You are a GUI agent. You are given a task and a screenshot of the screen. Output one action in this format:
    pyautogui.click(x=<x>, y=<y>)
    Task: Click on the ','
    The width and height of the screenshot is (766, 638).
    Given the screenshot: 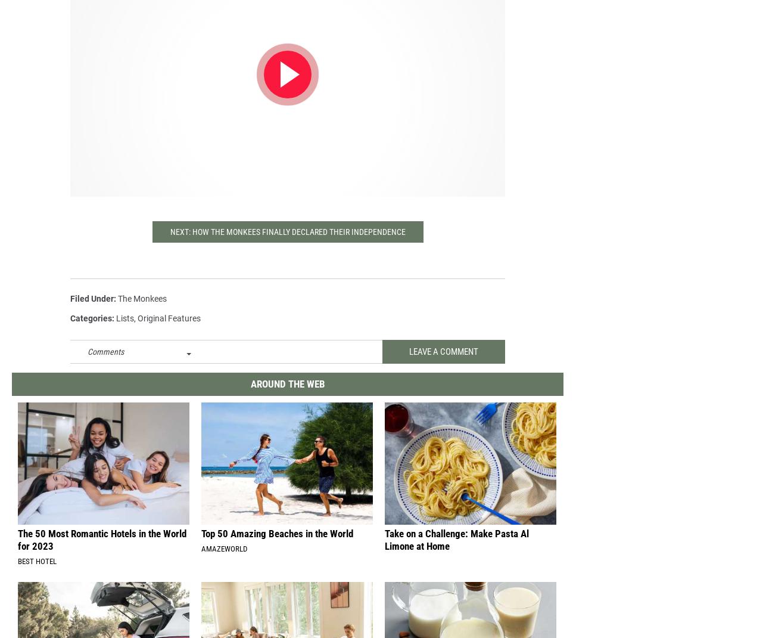 What is the action you would take?
    pyautogui.click(x=136, y=328)
    